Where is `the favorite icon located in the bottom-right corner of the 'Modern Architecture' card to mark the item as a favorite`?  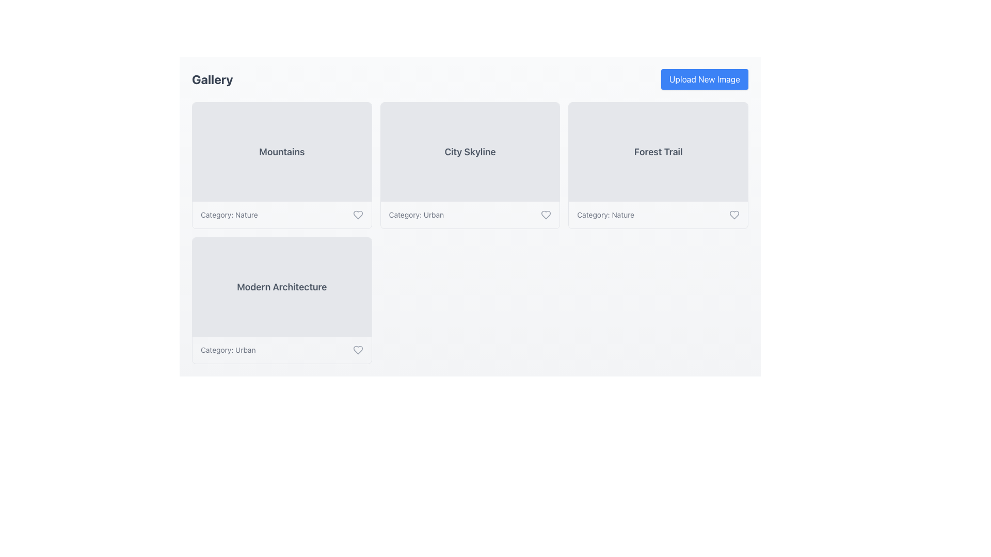 the favorite icon located in the bottom-right corner of the 'Modern Architecture' card to mark the item as a favorite is located at coordinates (358, 349).